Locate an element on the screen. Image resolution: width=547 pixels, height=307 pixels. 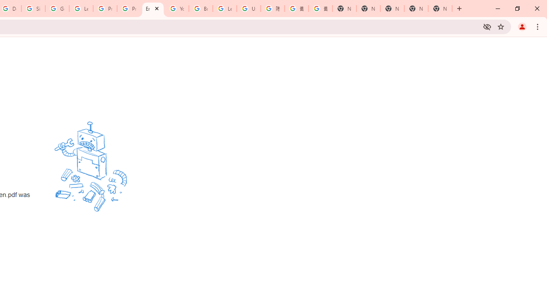
'Privacy Help Center - Policies Help' is located at coordinates (104, 9).